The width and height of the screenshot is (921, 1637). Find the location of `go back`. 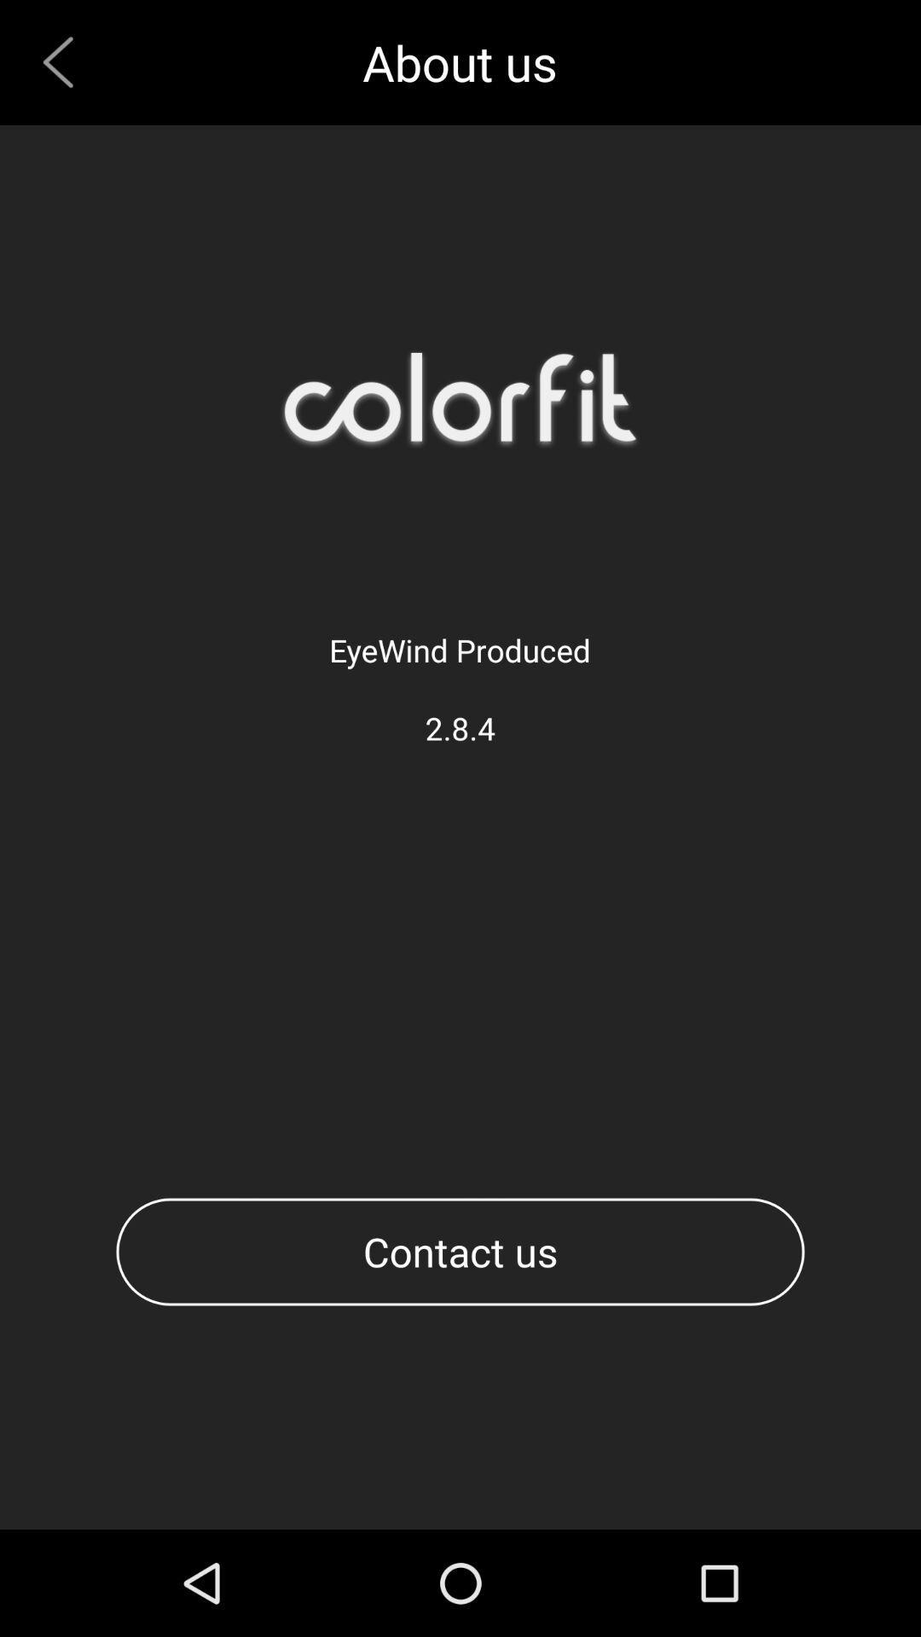

go back is located at coordinates (64, 62).